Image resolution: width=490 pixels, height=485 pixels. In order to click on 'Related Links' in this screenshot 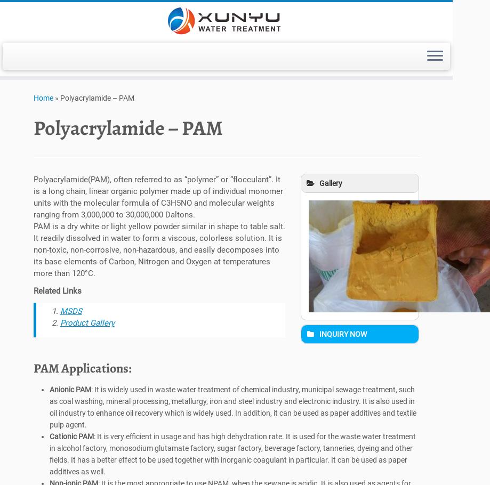, I will do `click(56, 293)`.